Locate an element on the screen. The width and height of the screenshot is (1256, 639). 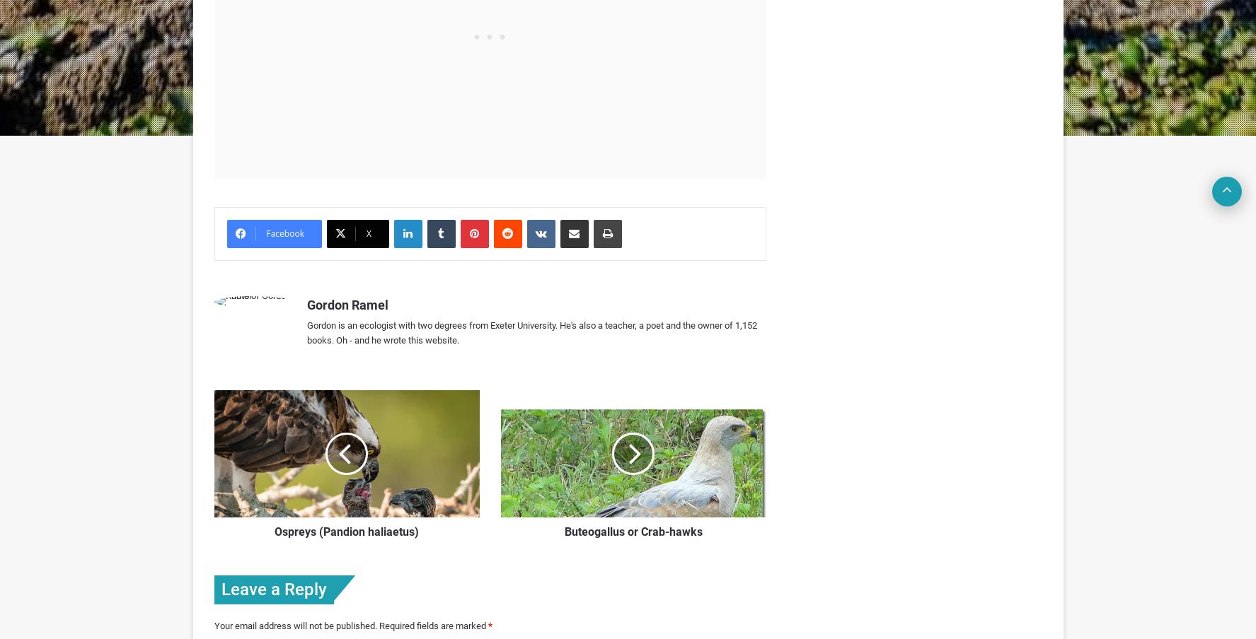
'Leave a Reply' is located at coordinates (272, 588).